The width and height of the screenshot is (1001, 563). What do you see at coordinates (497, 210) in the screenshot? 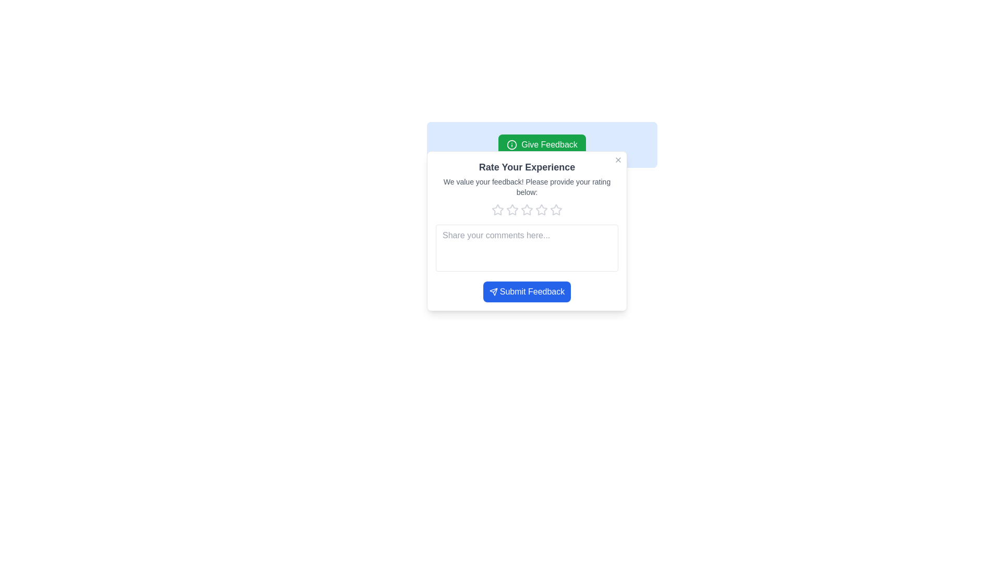
I see `the first star icon in the 'Rate Your Experience' modal` at bounding box center [497, 210].